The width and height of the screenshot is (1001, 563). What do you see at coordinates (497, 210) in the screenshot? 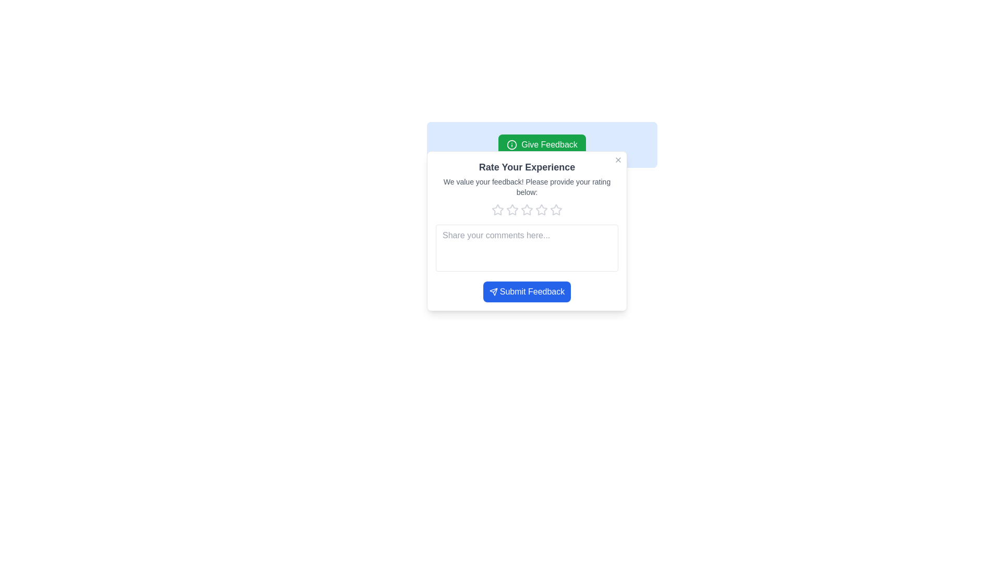
I see `the first star icon in the 'Rate Your Experience' modal` at bounding box center [497, 210].